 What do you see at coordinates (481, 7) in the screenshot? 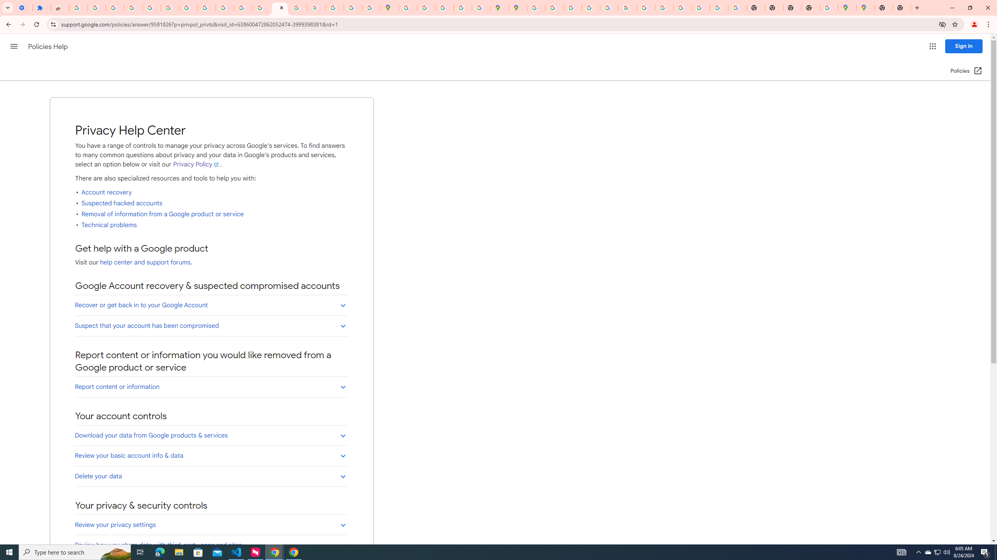
I see `'Safety in Our Products - Google Safety Center'` at bounding box center [481, 7].